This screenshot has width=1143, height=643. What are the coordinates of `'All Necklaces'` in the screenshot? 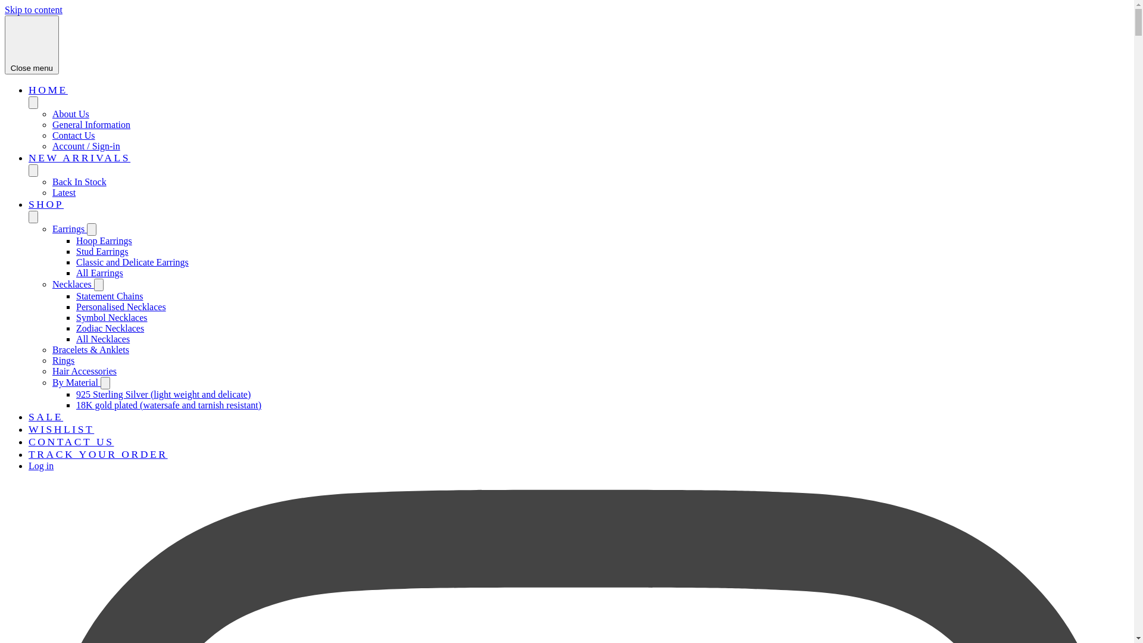 It's located at (102, 339).